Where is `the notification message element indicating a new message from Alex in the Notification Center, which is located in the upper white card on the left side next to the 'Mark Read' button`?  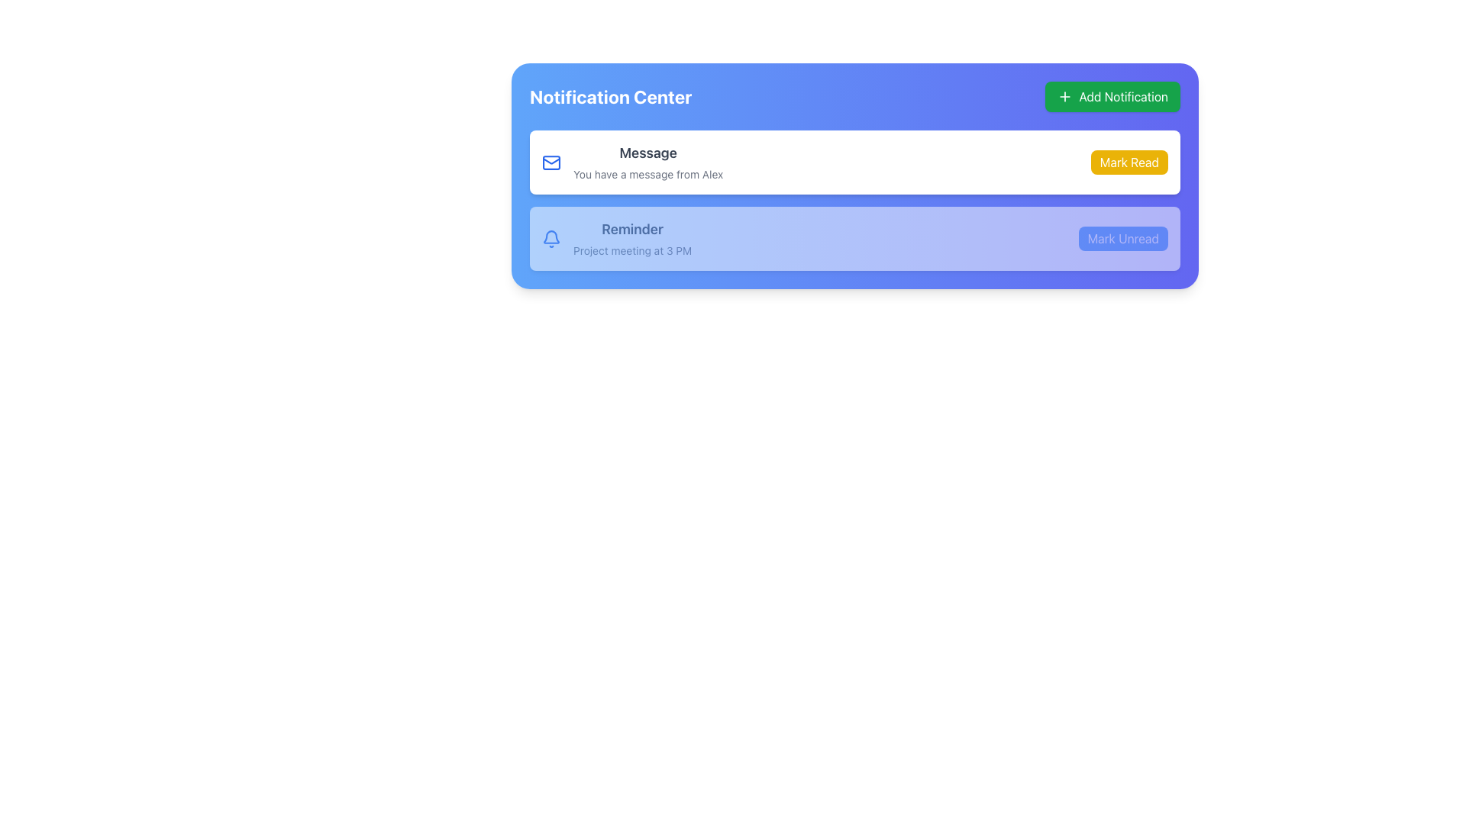 the notification message element indicating a new message from Alex in the Notification Center, which is located in the upper white card on the left side next to the 'Mark Read' button is located at coordinates (632, 162).